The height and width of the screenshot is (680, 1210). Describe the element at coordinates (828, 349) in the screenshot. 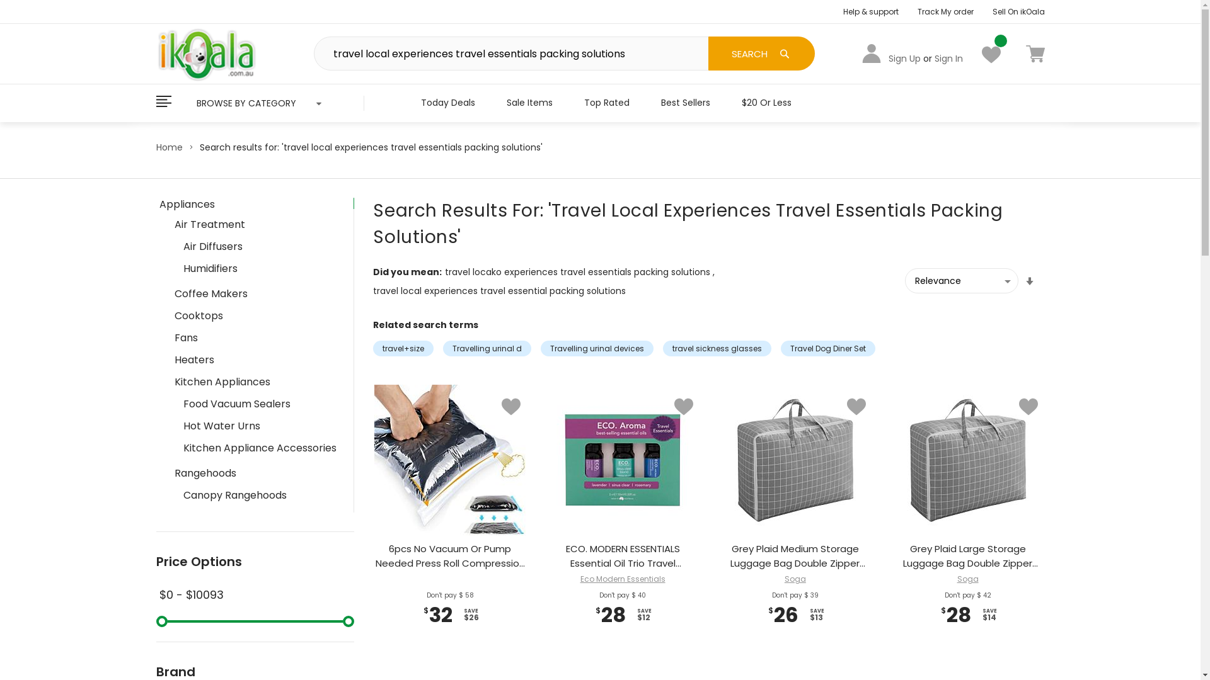

I see `'Travel Dog Diner Set'` at that location.